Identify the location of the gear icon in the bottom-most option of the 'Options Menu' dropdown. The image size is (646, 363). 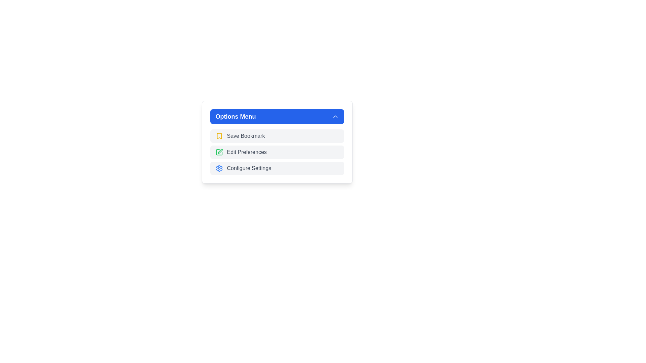
(219, 168).